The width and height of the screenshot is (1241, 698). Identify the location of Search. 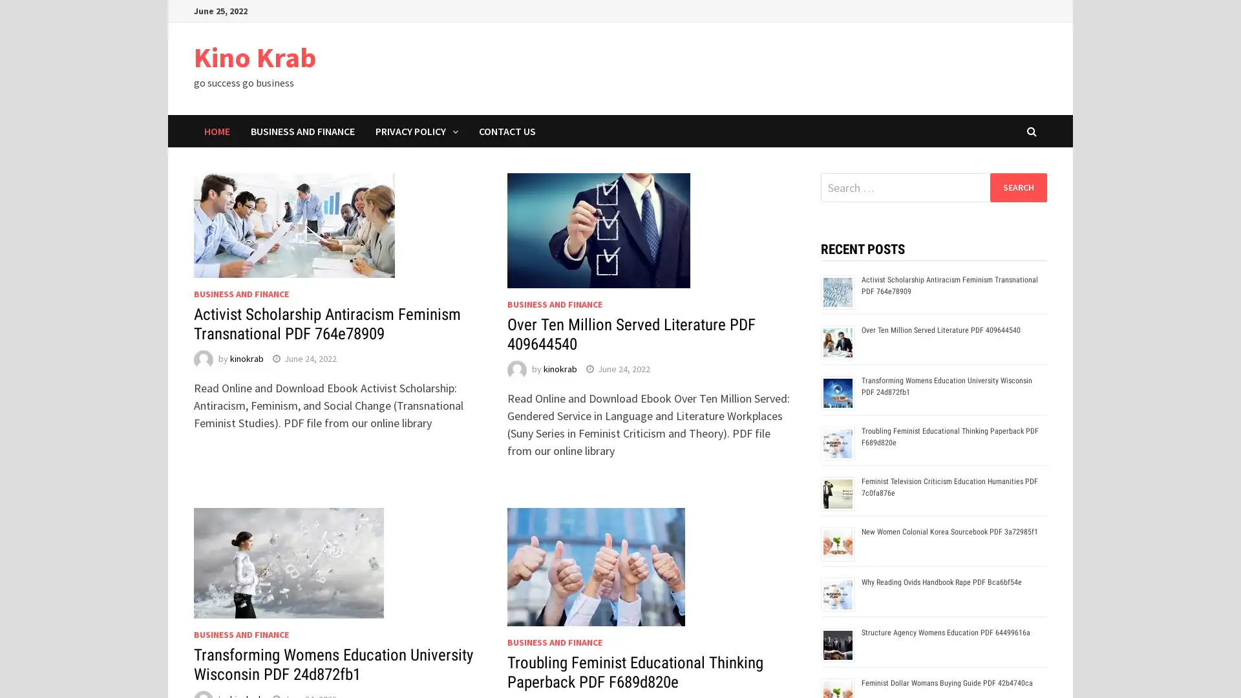
(1017, 187).